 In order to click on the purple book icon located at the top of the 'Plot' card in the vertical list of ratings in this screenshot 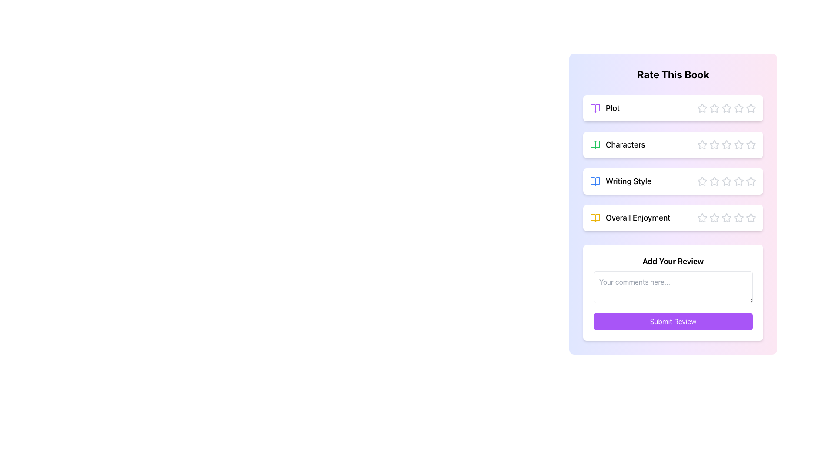, I will do `click(595, 108)`.